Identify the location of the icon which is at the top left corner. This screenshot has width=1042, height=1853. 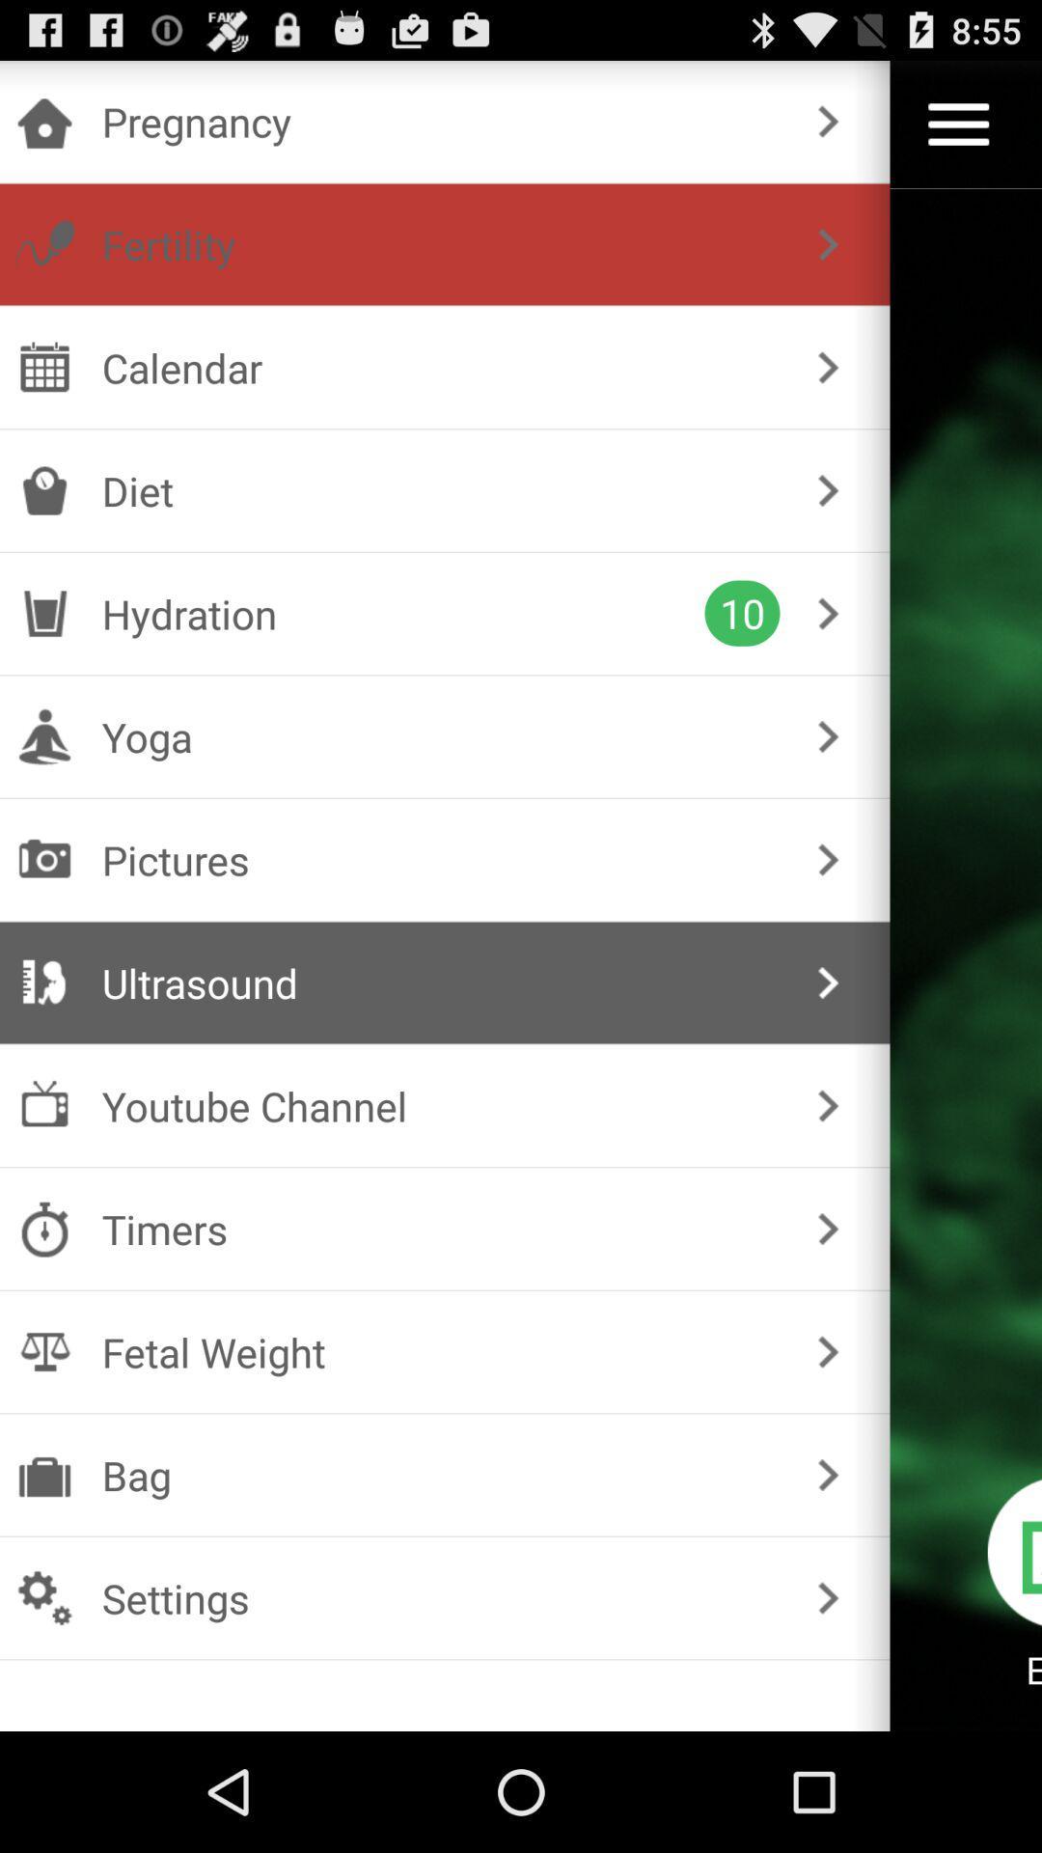
(43, 120).